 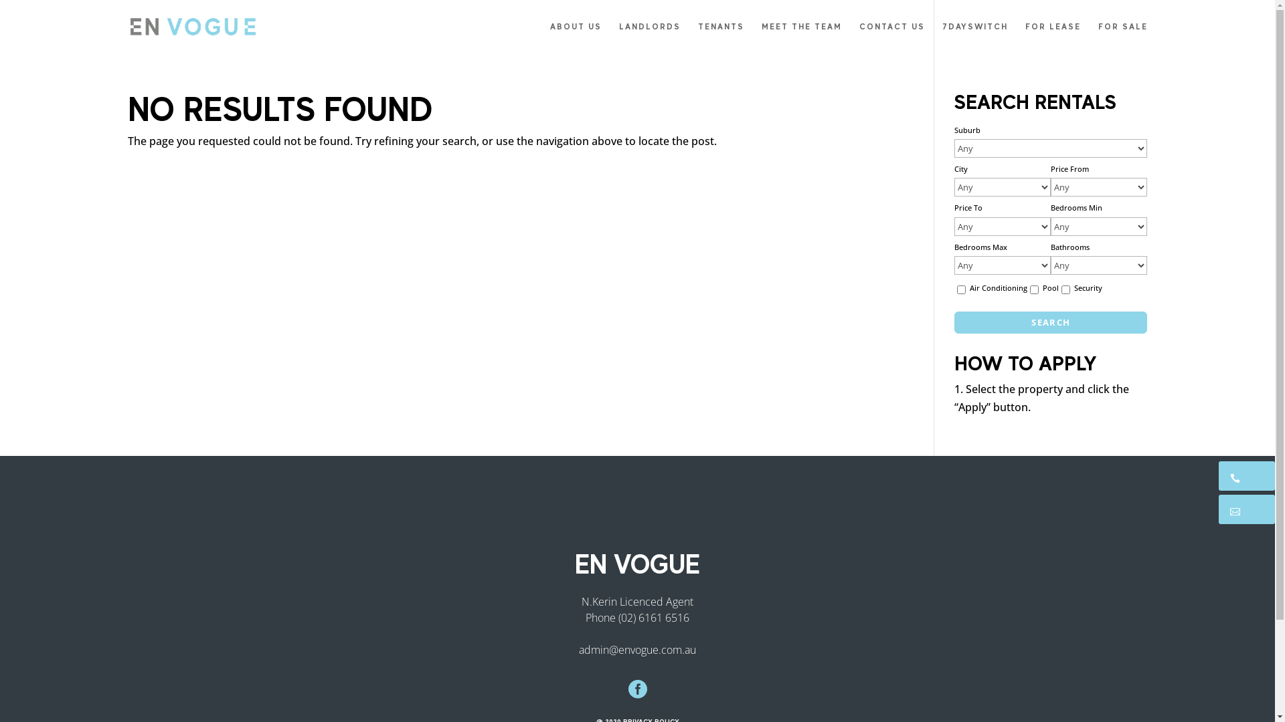 I want to click on 'FOR SALE', so click(x=1122, y=37).